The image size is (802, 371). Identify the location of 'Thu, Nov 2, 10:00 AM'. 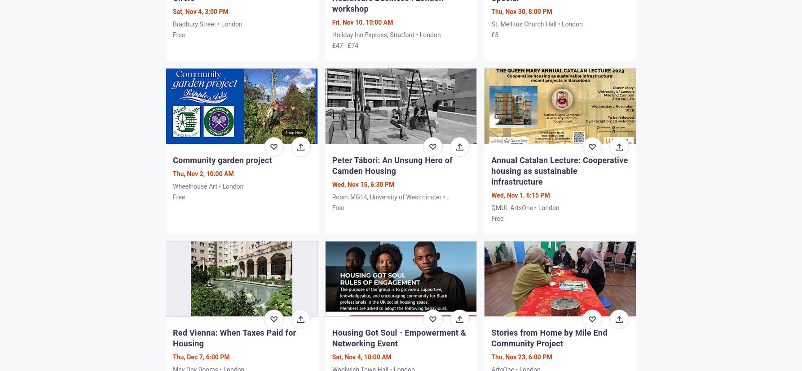
(203, 173).